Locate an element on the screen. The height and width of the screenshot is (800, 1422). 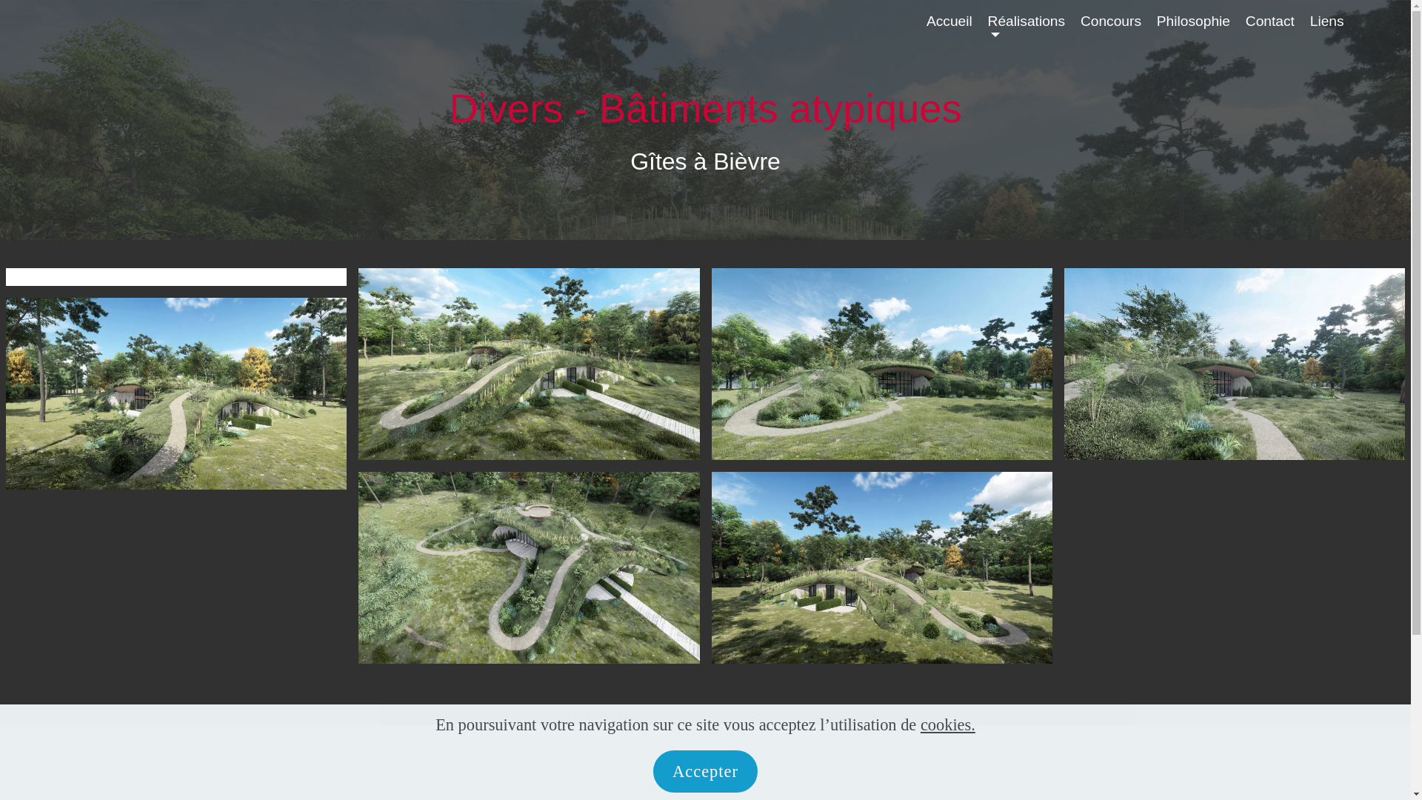
'Liens' is located at coordinates (1310, 28).